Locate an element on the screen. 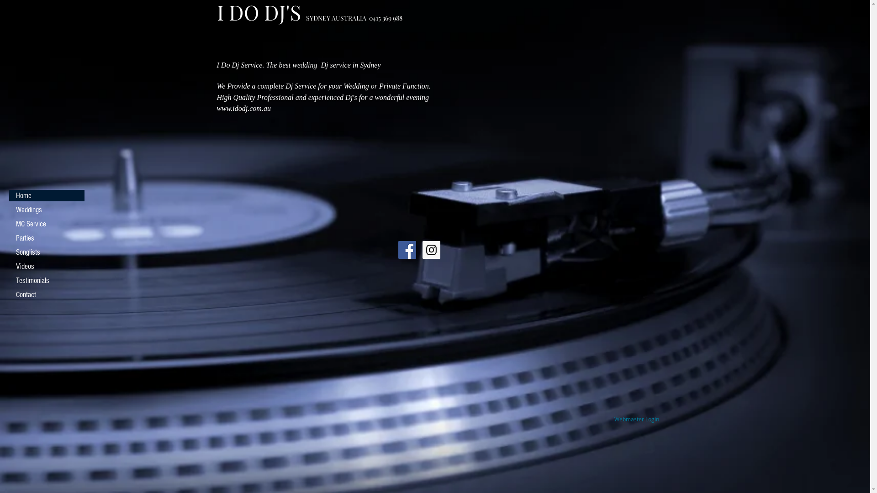 This screenshot has height=493, width=877. 'MC Service' is located at coordinates (46, 224).